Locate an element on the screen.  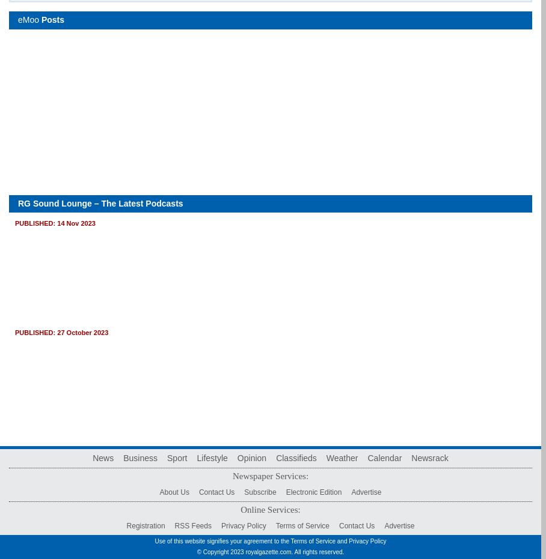
'Electronic Edition' is located at coordinates (313, 492).